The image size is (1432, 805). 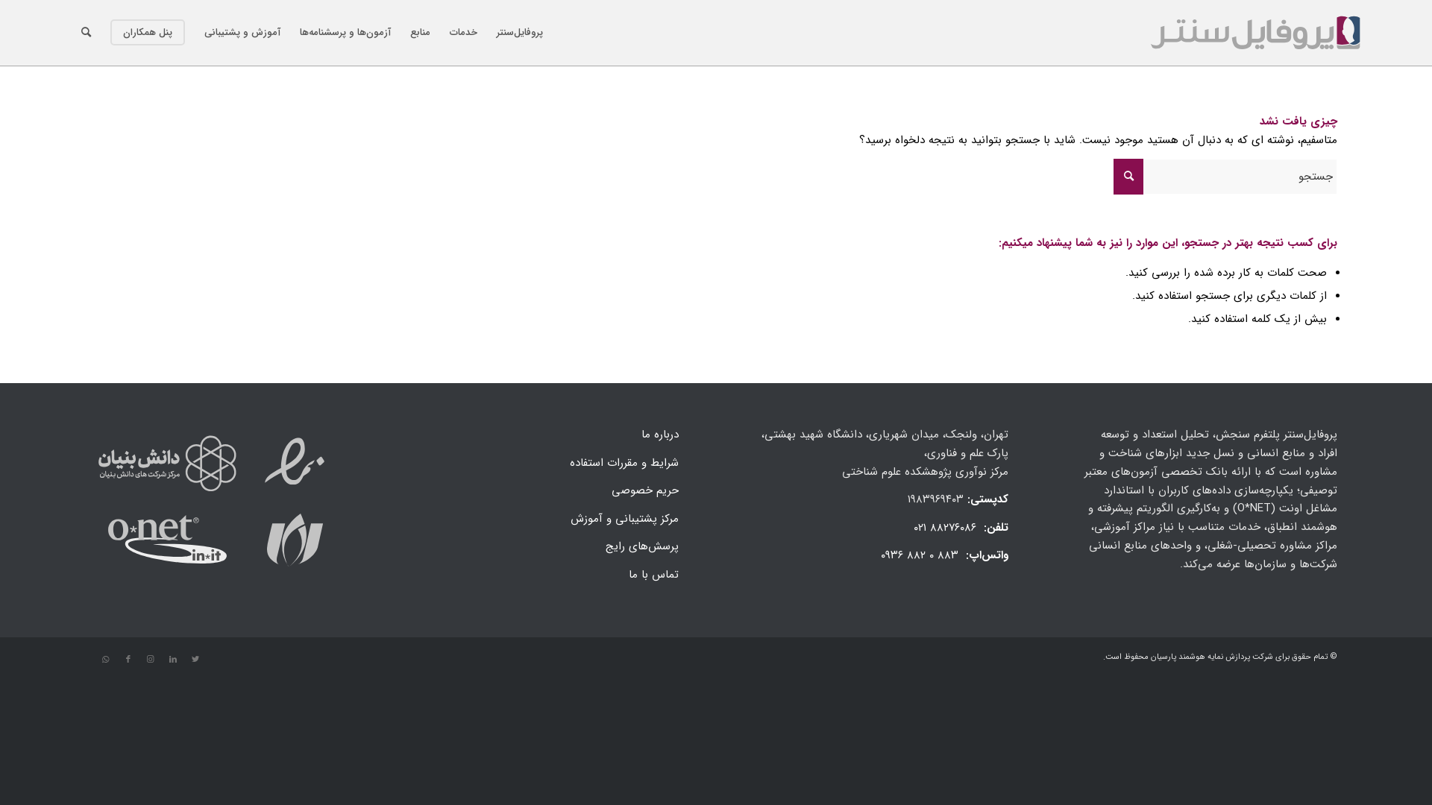 What do you see at coordinates (150, 658) in the screenshot?
I see `'Instagram'` at bounding box center [150, 658].